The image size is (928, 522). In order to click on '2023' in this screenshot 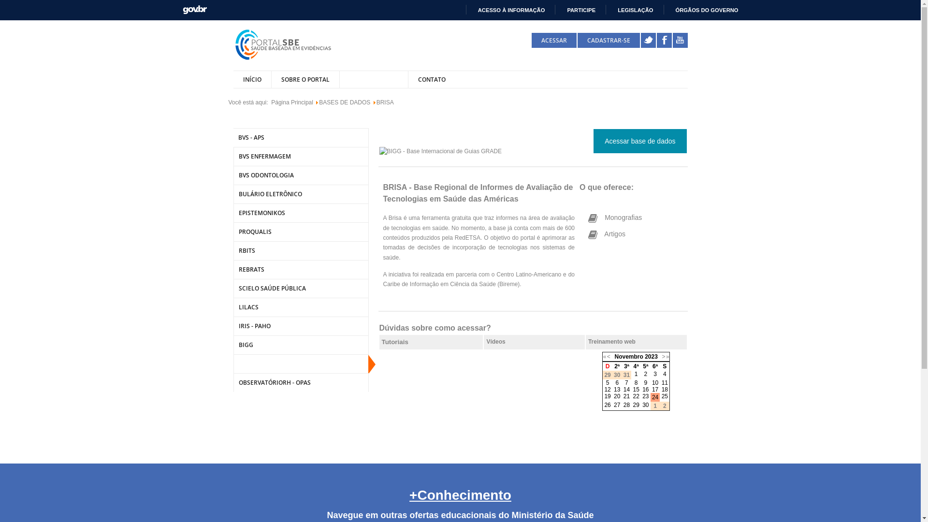, I will do `click(651, 356)`.